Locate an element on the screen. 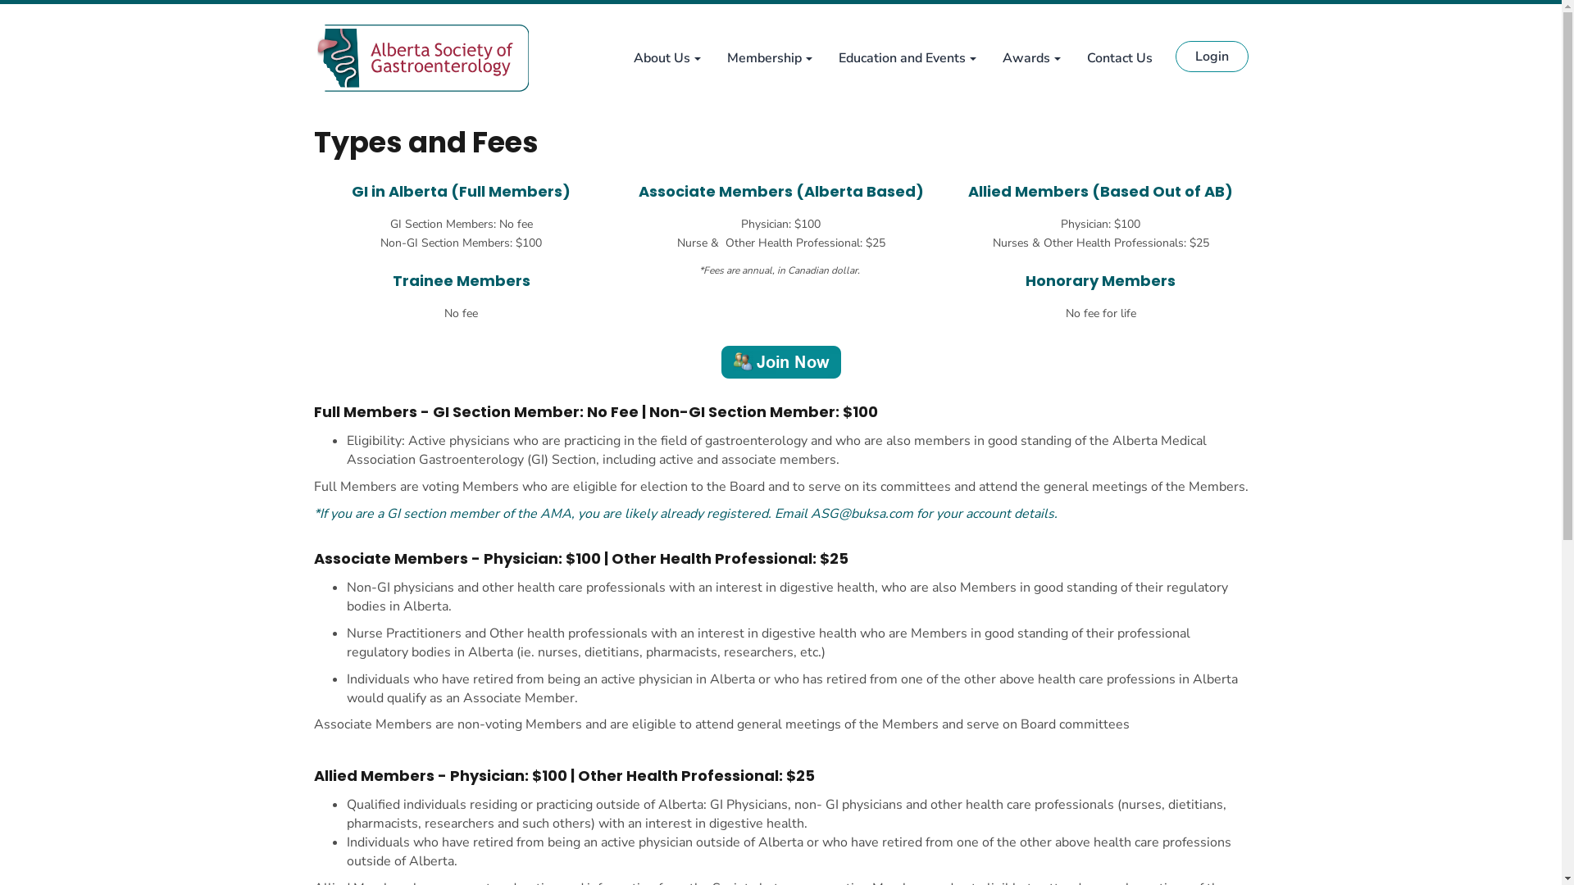  'Login' is located at coordinates (1212, 56).